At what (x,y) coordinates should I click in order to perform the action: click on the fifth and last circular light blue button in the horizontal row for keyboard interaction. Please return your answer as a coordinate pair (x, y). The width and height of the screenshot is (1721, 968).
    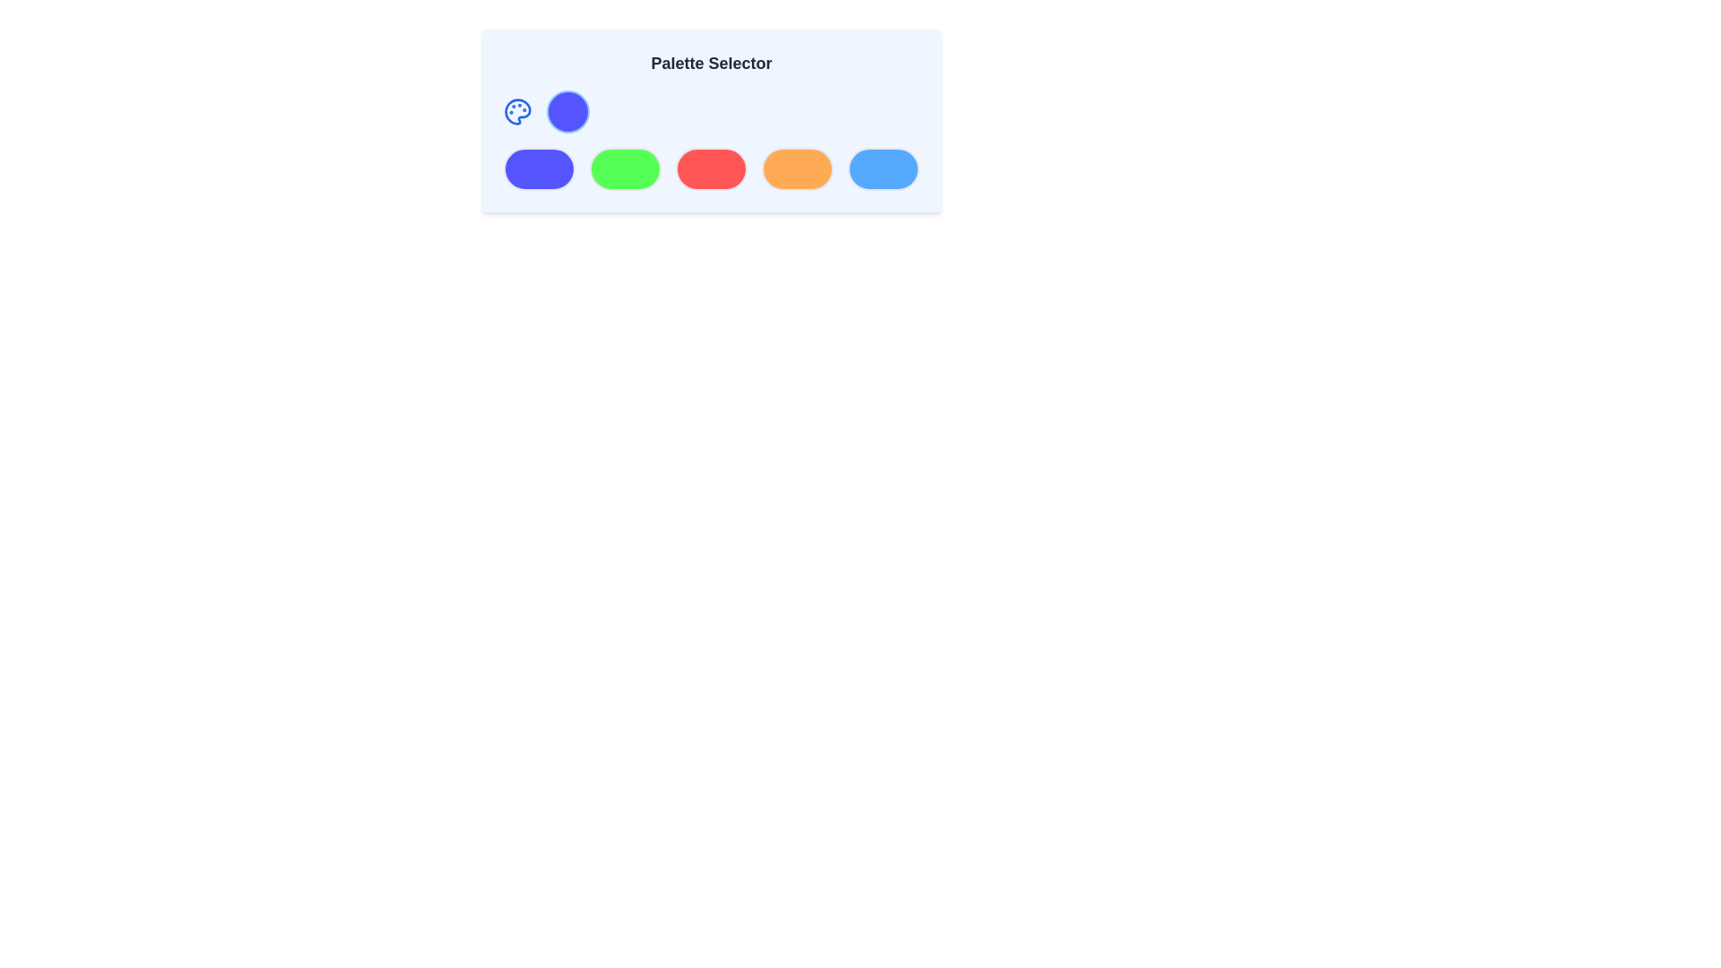
    Looking at the image, I should click on (883, 169).